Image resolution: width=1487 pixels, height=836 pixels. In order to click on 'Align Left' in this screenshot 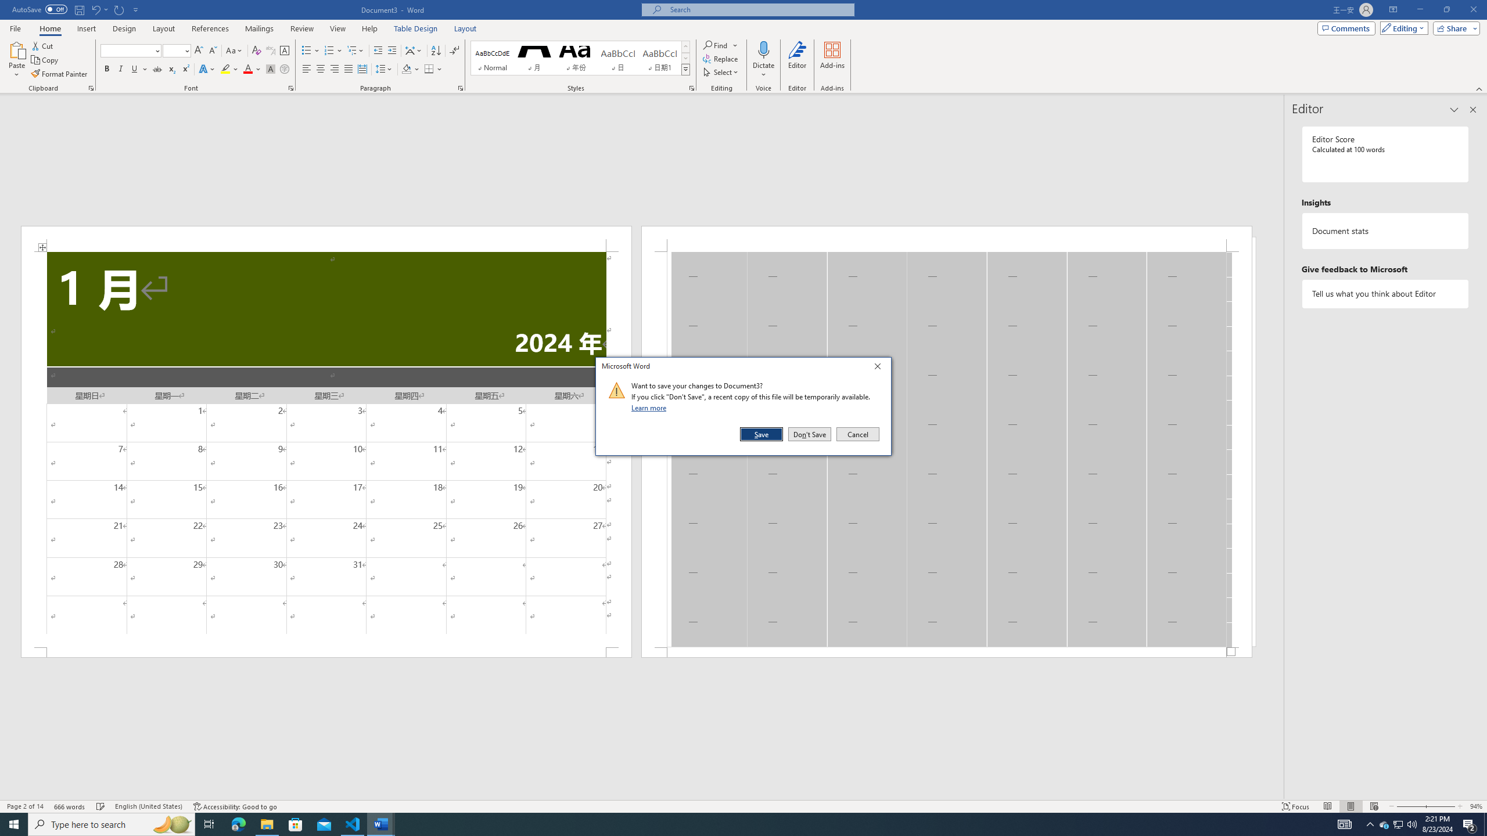, I will do `click(306, 69)`.